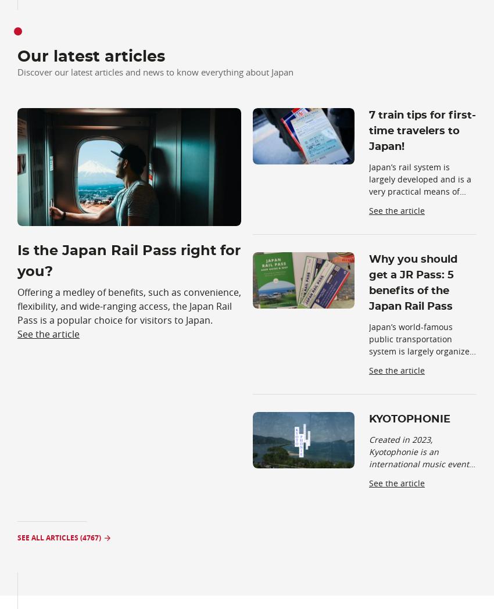 The image size is (494, 609). I want to click on ', and this same organization issues a special transit tick', so click(423, 388).